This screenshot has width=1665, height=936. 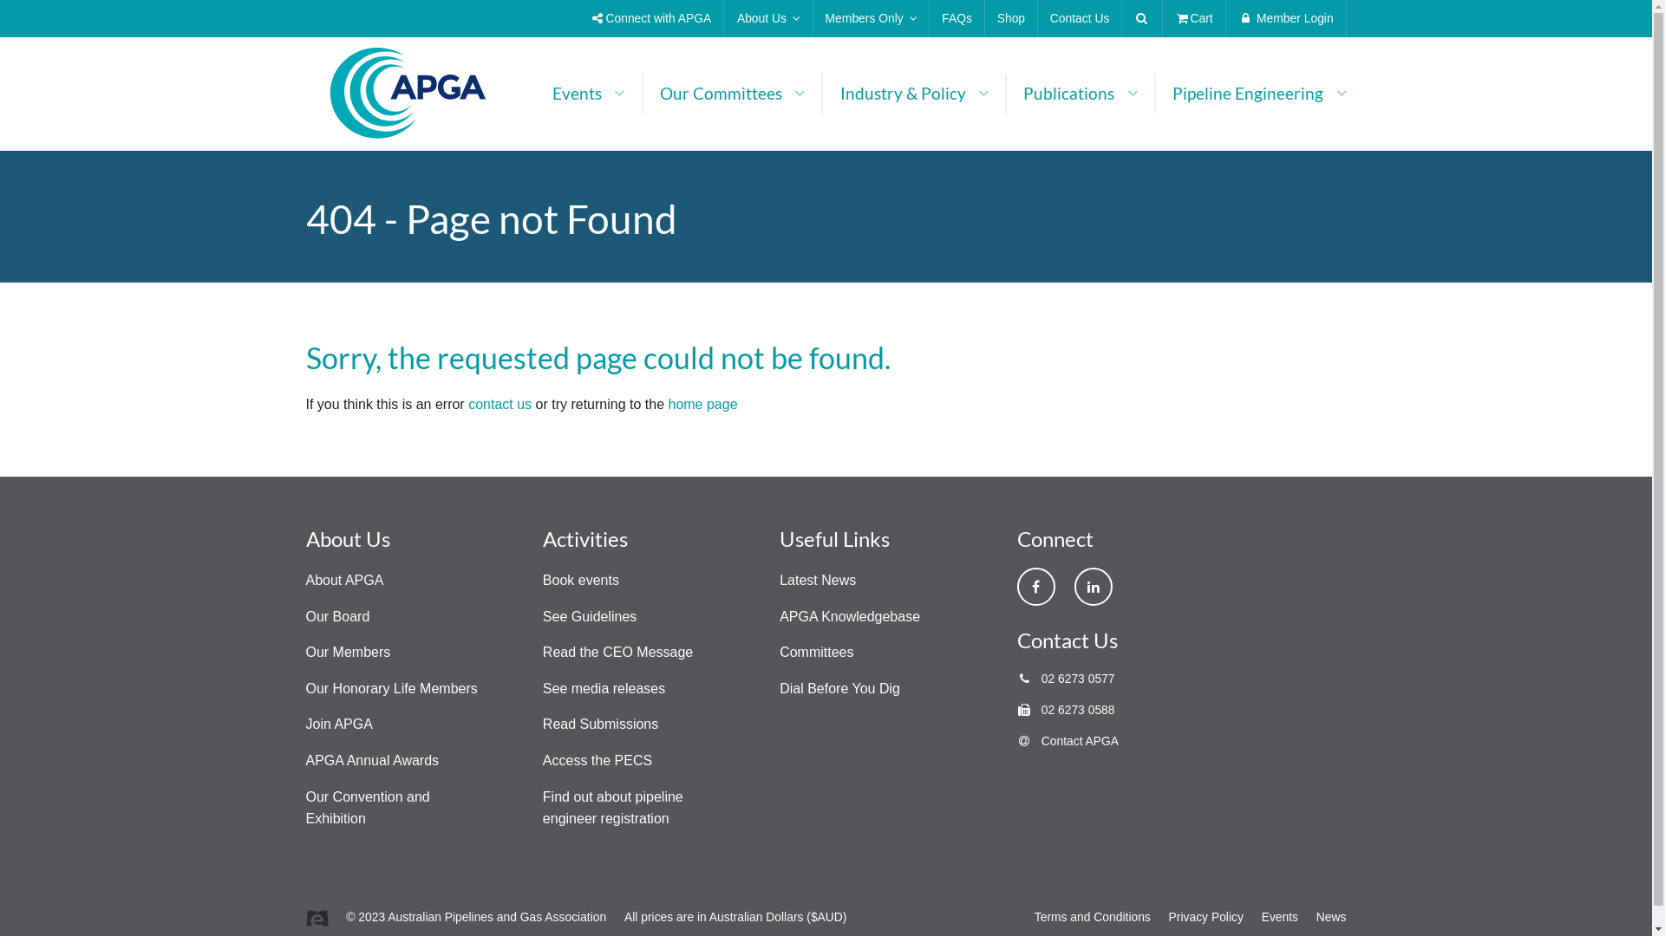 What do you see at coordinates (541, 724) in the screenshot?
I see `'Read Submissions'` at bounding box center [541, 724].